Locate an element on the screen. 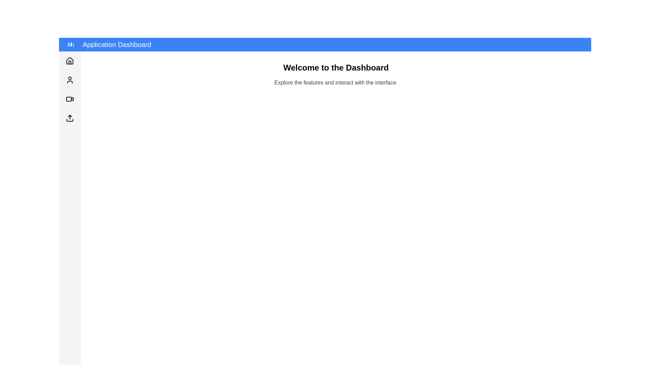 This screenshot has width=655, height=368. the interactive menu activator icon located in the blue header bar on the left side, adjacent to the 'Application Dashboard' title is located at coordinates (71, 45).